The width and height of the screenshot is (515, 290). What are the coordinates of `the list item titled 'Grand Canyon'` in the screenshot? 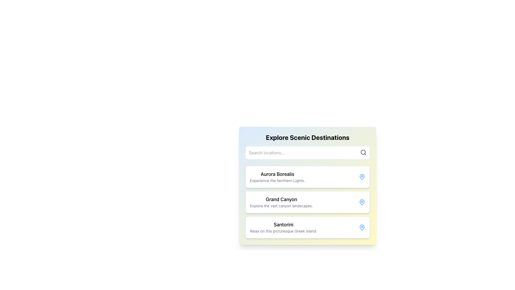 It's located at (281, 202).